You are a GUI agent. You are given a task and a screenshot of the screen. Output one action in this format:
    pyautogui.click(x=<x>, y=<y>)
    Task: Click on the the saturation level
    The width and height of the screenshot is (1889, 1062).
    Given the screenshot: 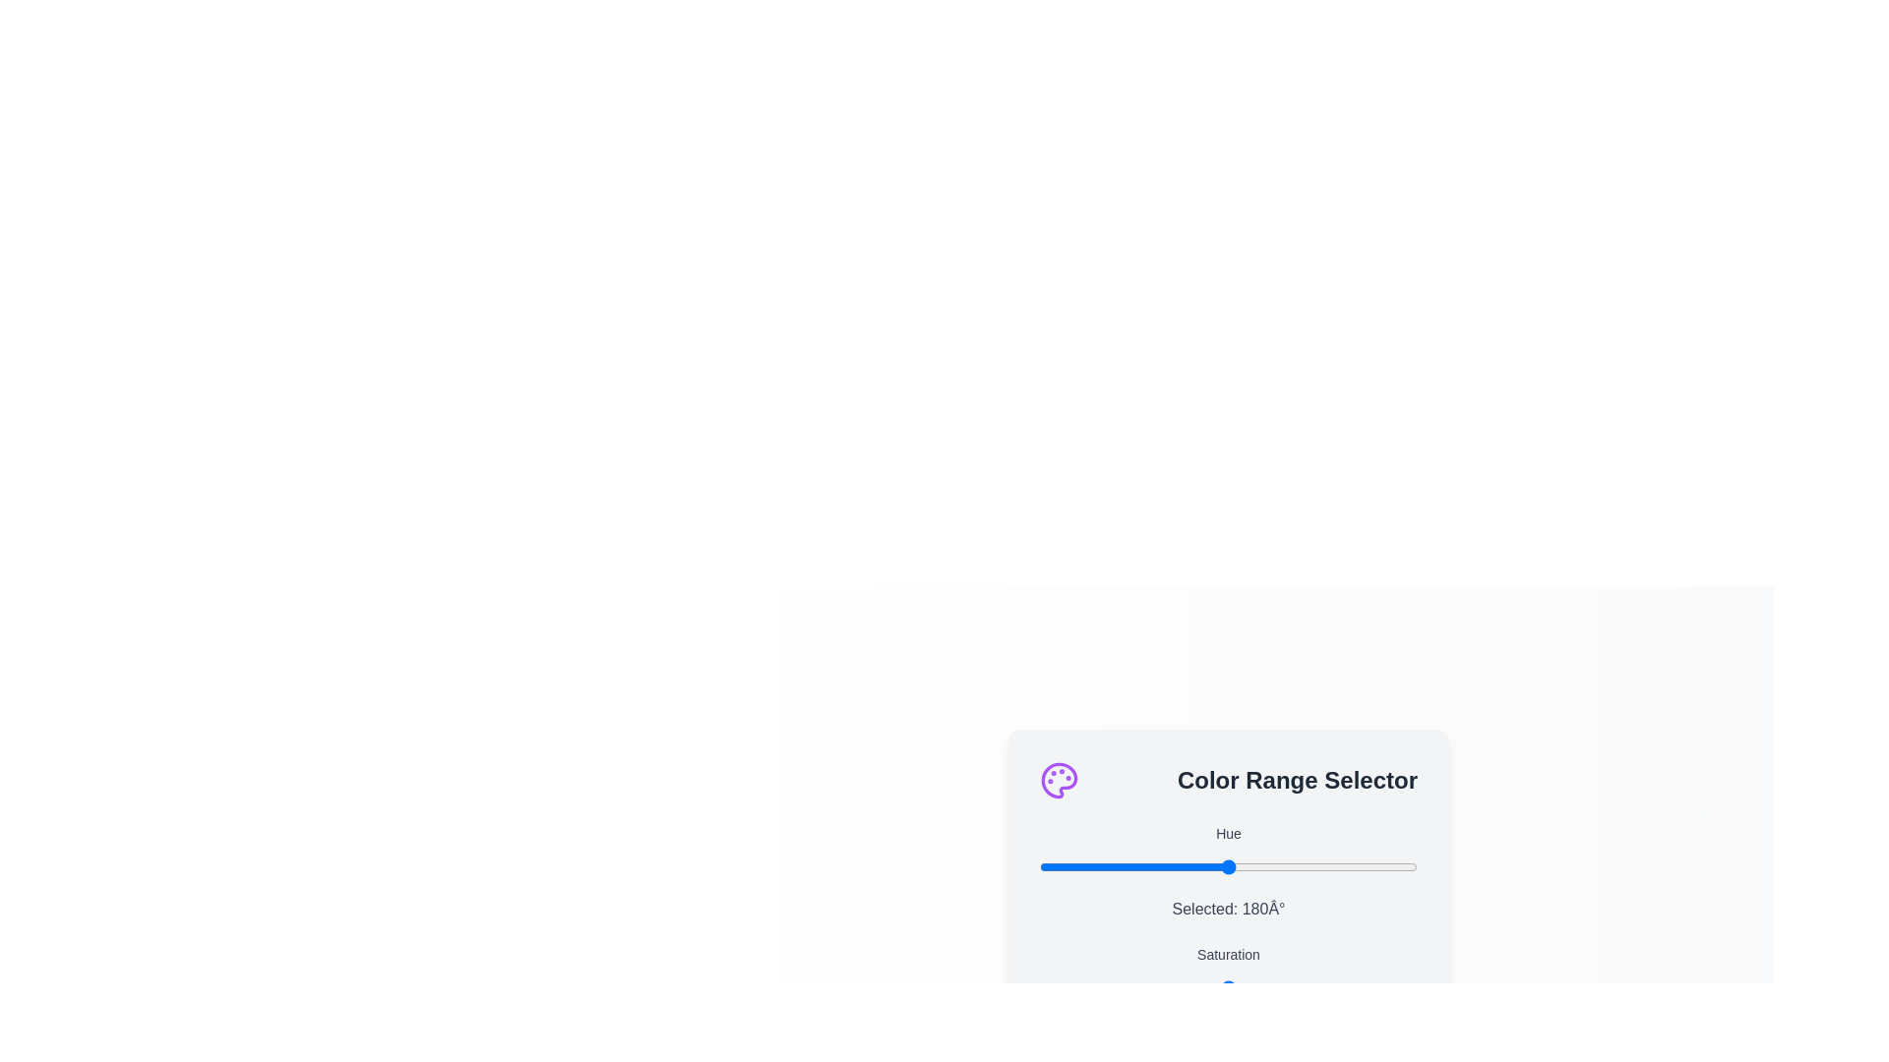 What is the action you would take?
    pyautogui.click(x=1300, y=987)
    